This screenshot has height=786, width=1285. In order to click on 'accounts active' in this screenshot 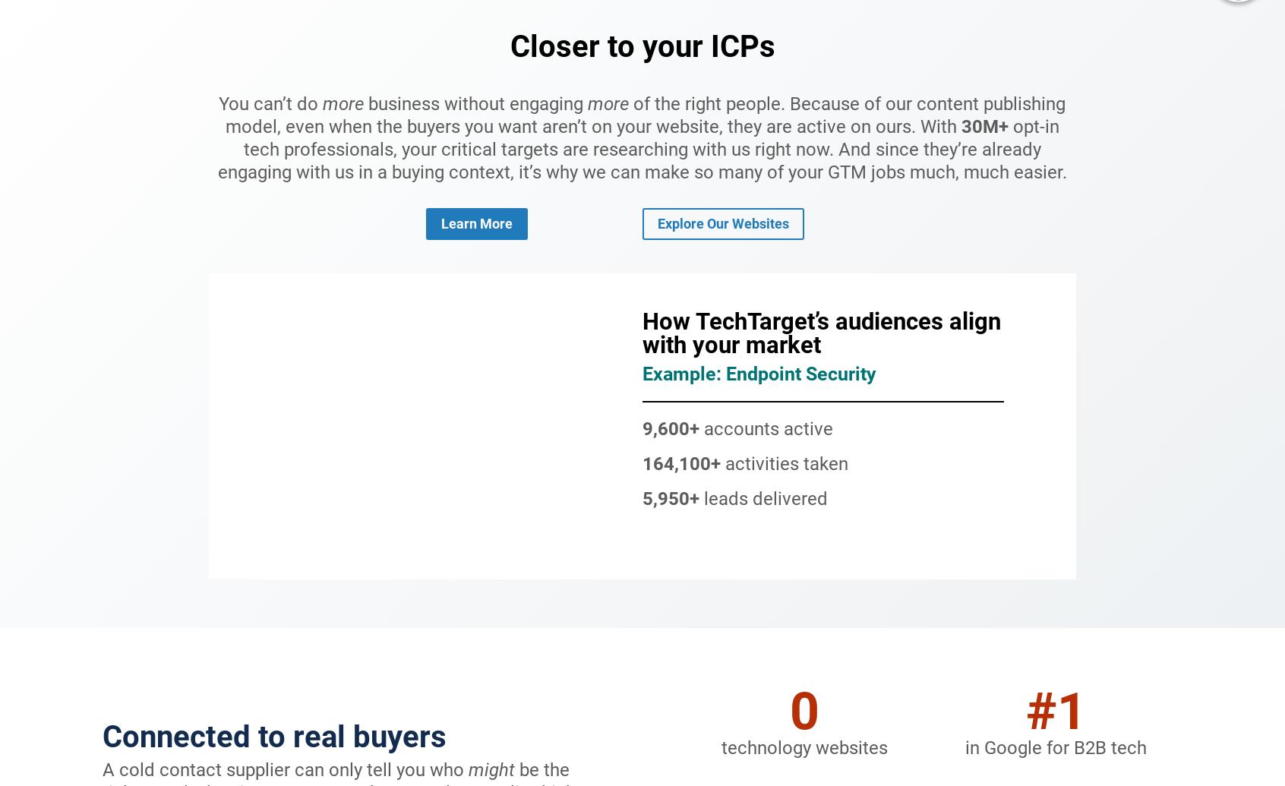, I will do `click(767, 428)`.